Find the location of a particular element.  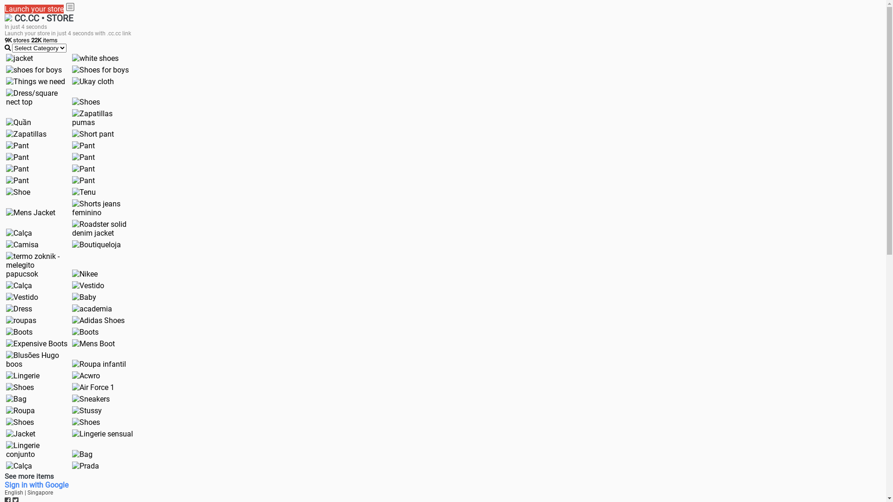

'academia' is located at coordinates (92, 309).